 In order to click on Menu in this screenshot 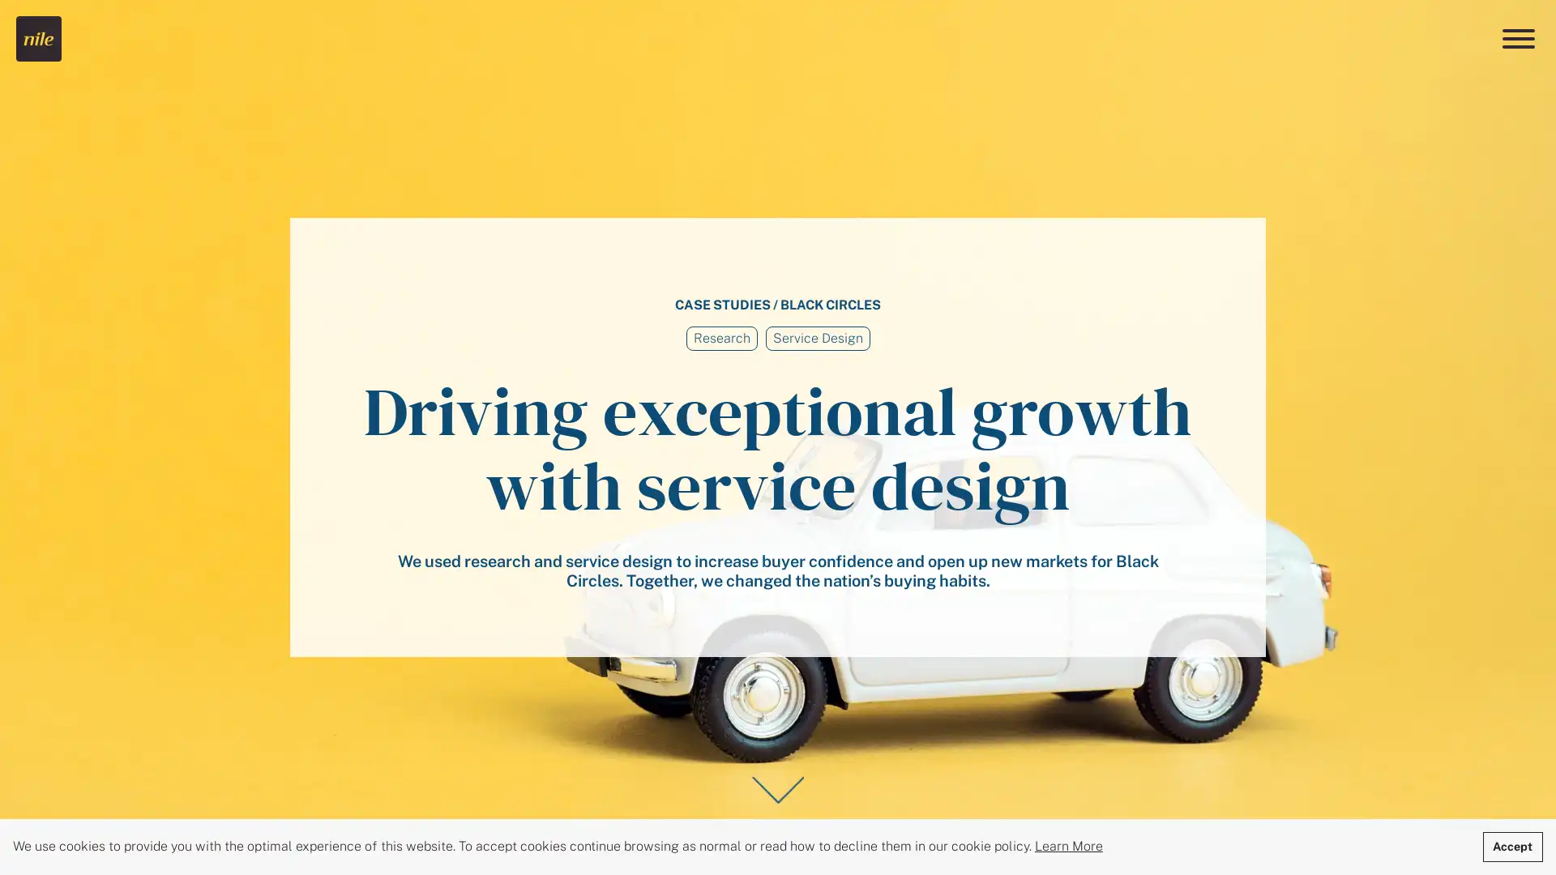, I will do `click(1517, 37)`.